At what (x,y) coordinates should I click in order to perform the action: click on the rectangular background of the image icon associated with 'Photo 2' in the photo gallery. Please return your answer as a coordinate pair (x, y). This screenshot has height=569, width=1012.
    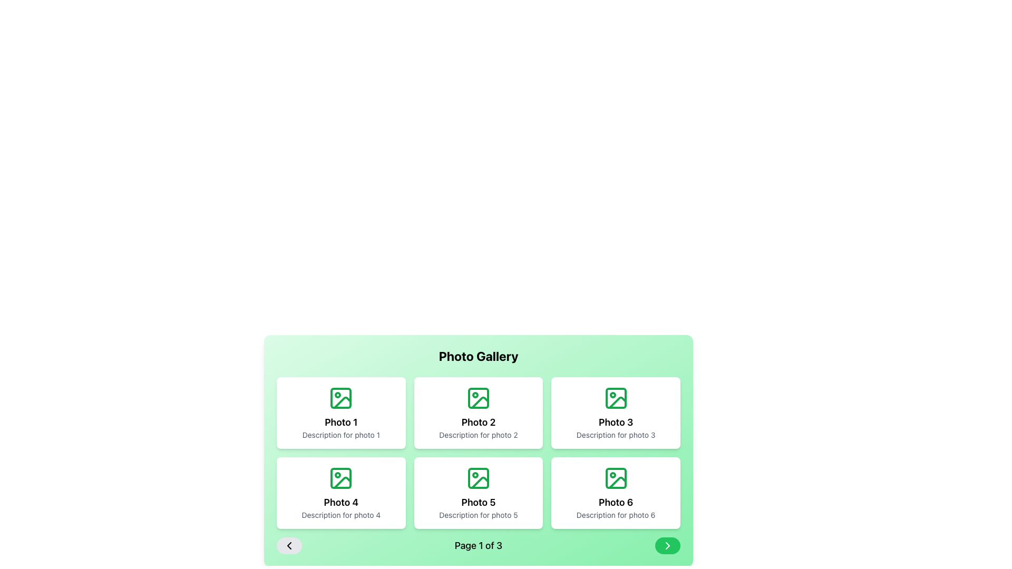
    Looking at the image, I should click on (478, 398).